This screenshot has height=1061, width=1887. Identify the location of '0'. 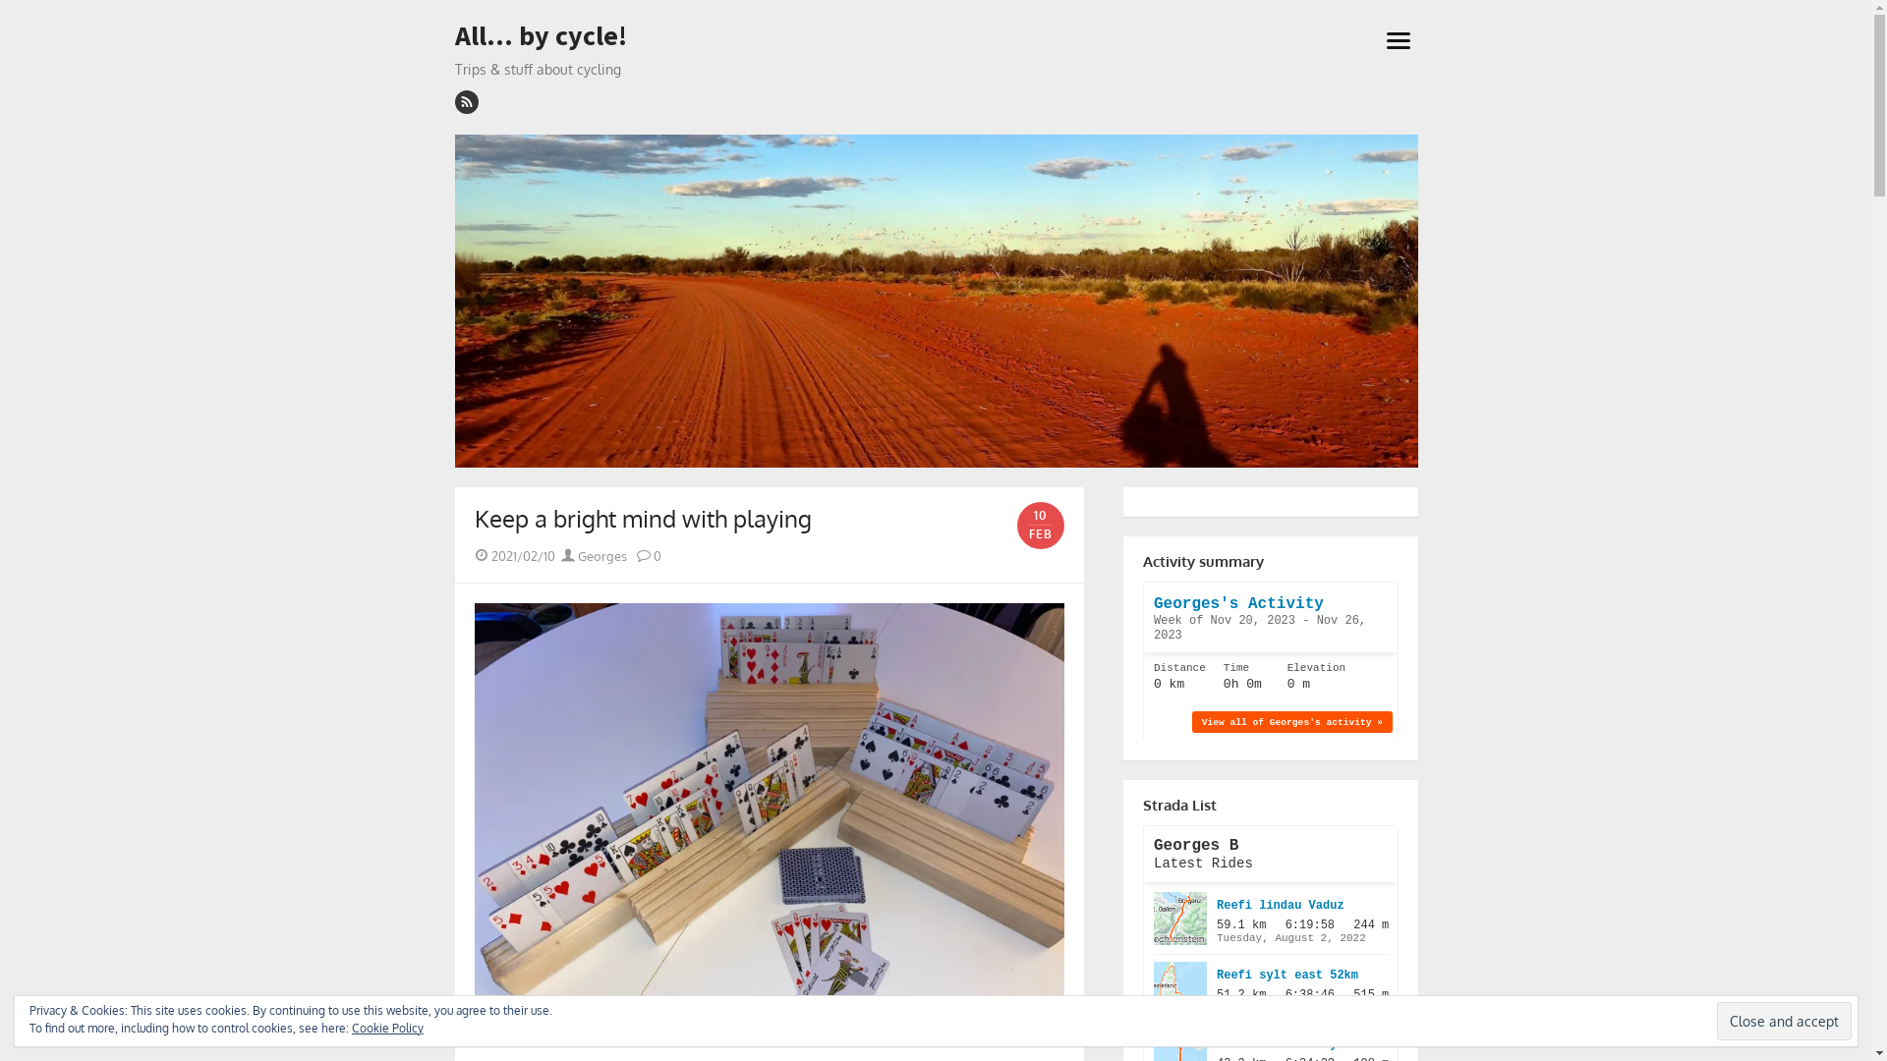
(637, 556).